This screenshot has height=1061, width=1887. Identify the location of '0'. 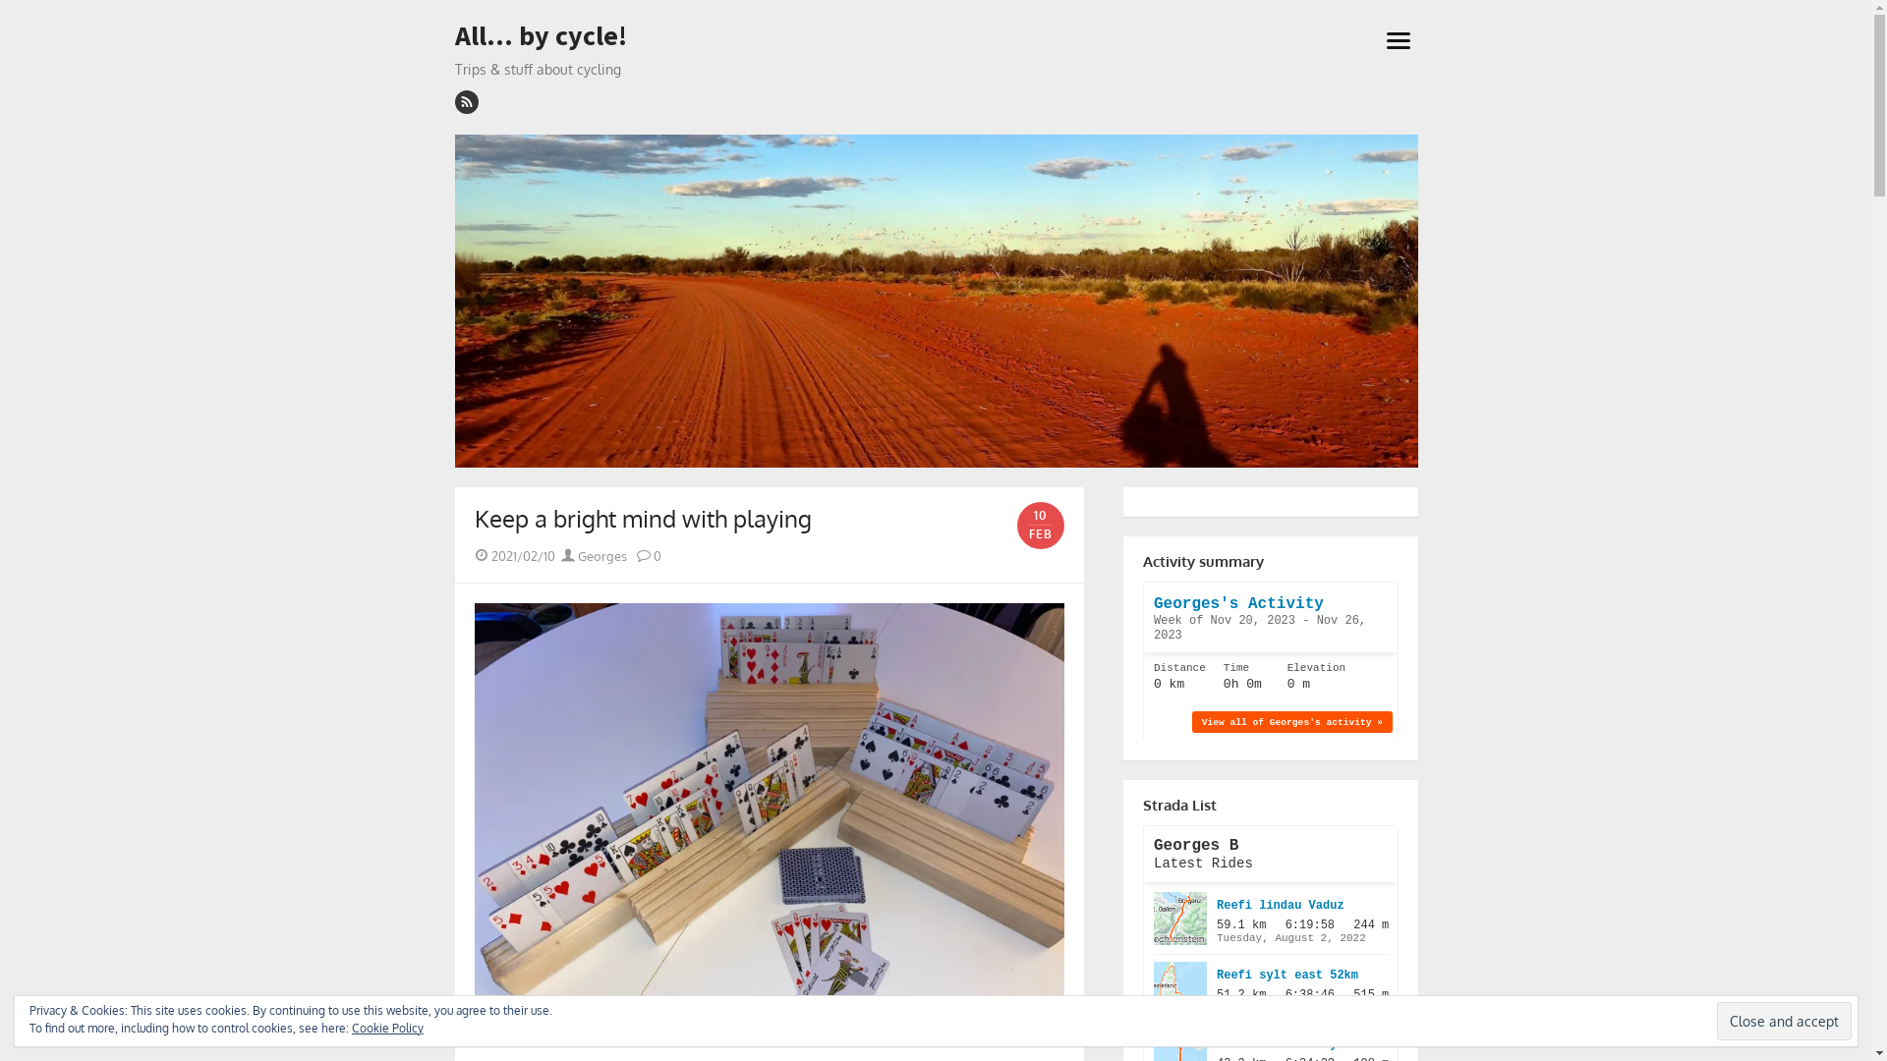
(637, 556).